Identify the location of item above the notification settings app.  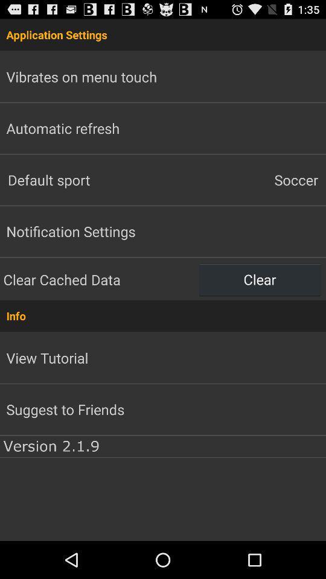
(81, 179).